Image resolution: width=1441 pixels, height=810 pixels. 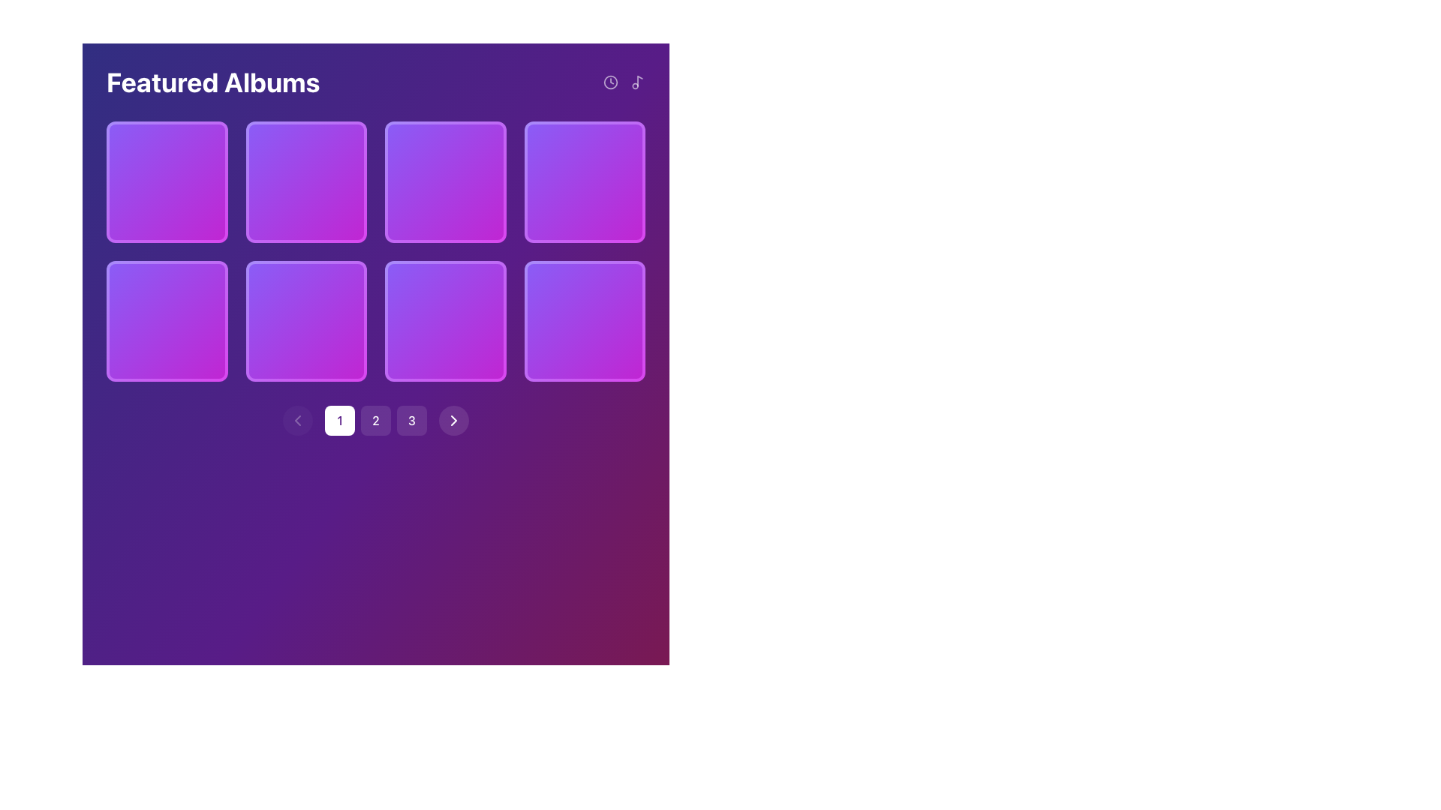 What do you see at coordinates (305, 320) in the screenshot?
I see `the album card located in the second row and second column of the grid layout` at bounding box center [305, 320].